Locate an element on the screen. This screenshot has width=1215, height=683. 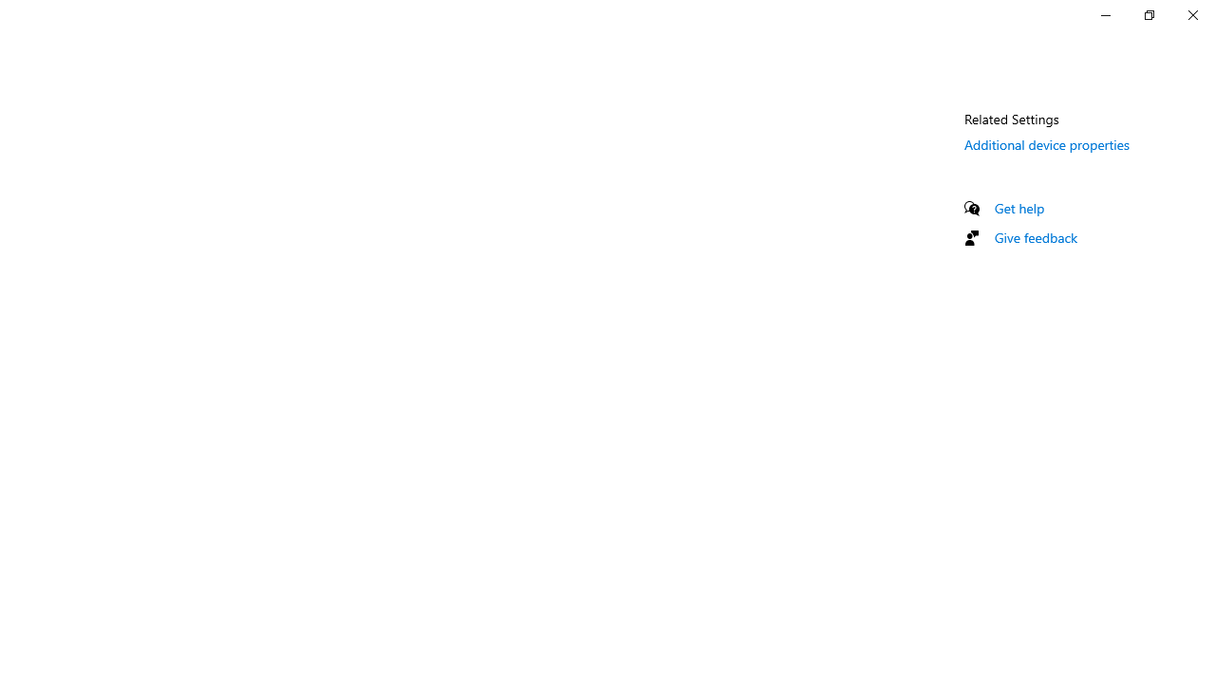
'Minimize Settings' is located at coordinates (1105, 14).